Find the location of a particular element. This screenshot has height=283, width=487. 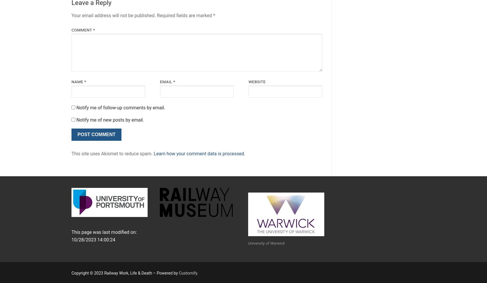

'Website' is located at coordinates (257, 82).